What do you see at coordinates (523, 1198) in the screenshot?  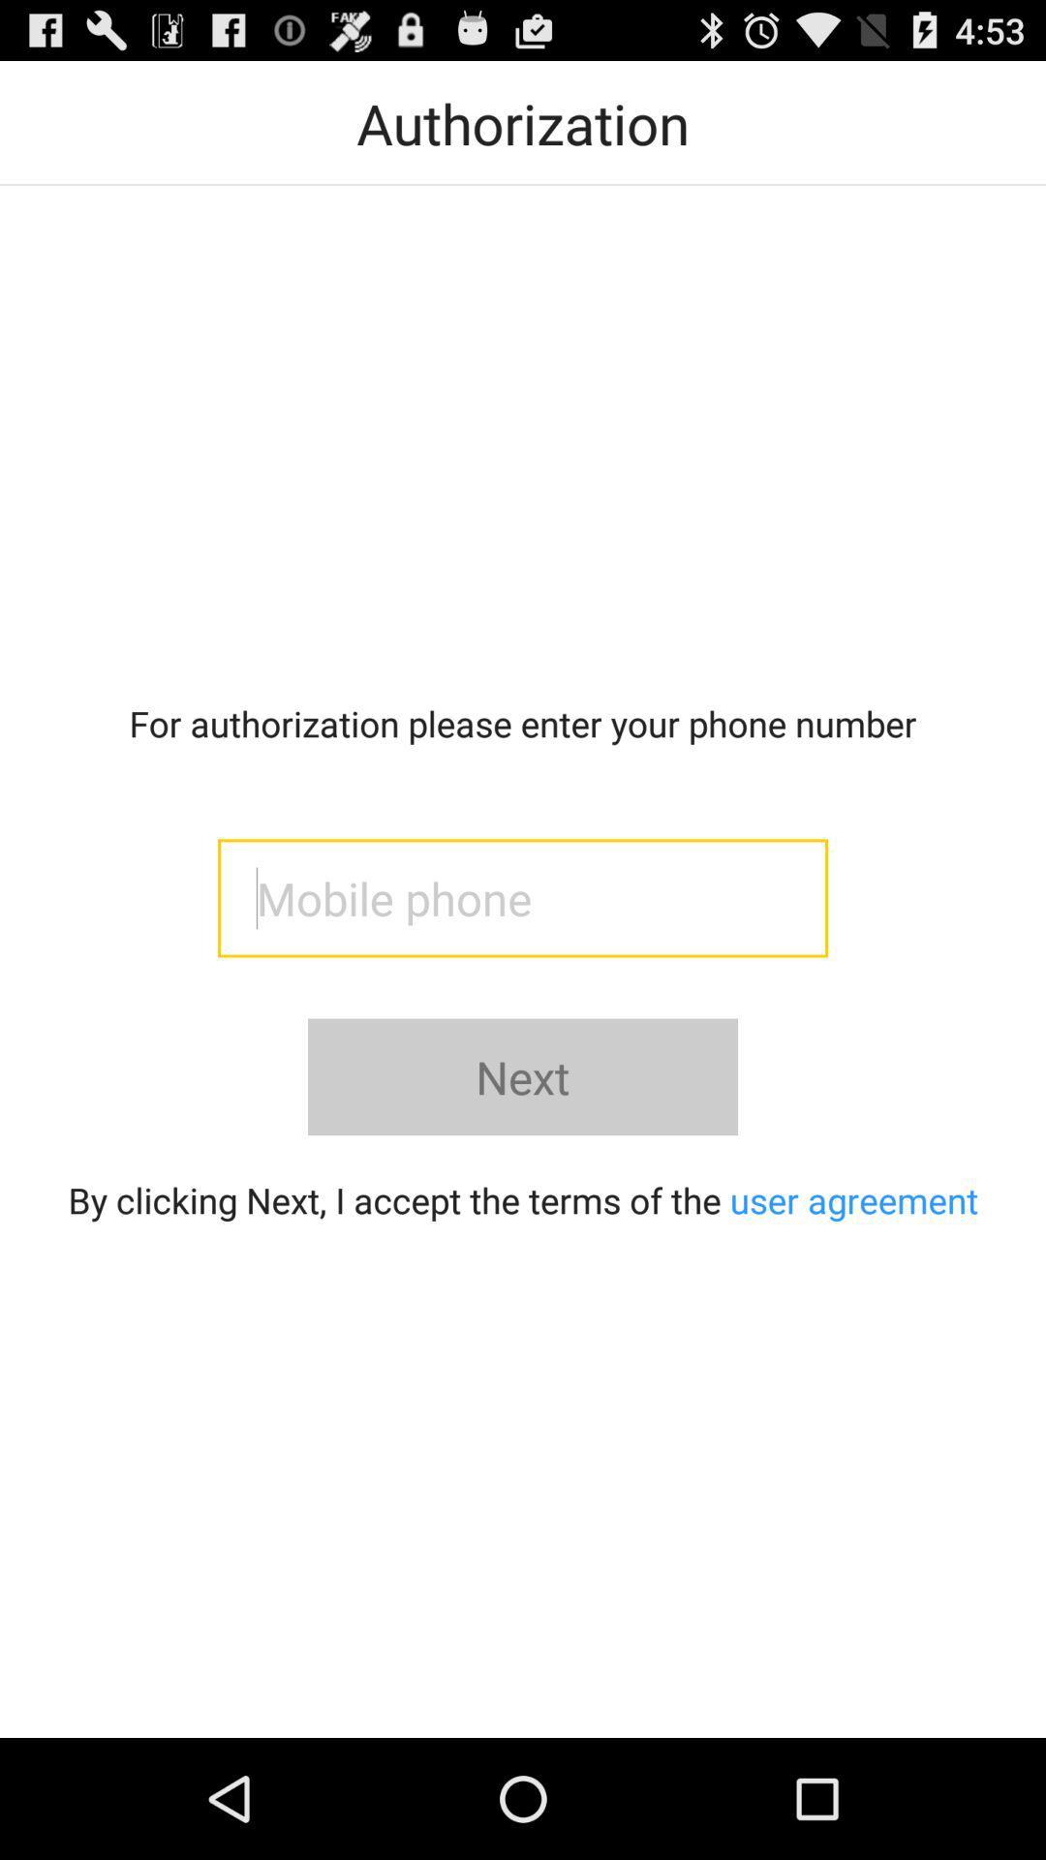 I see `the by clicking next app` at bounding box center [523, 1198].